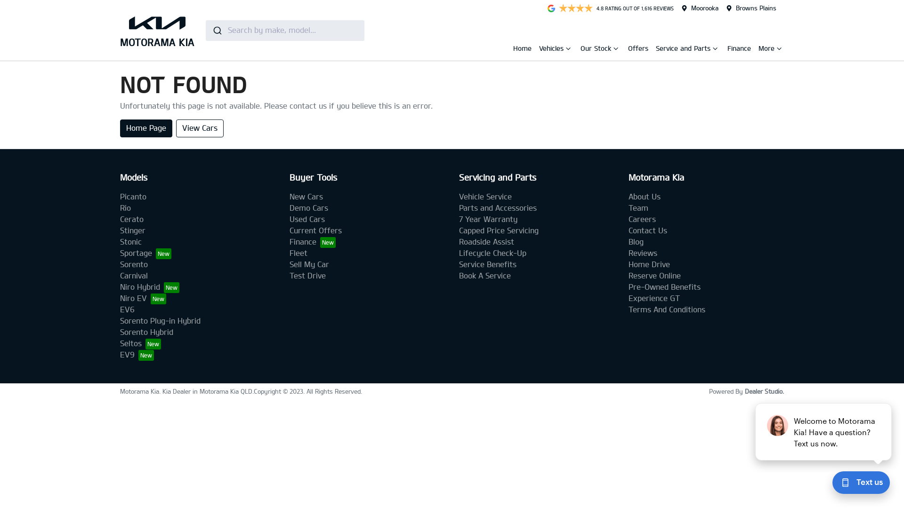 The image size is (904, 508). Describe the element at coordinates (628, 310) in the screenshot. I see `'Terms And Conditions'` at that location.